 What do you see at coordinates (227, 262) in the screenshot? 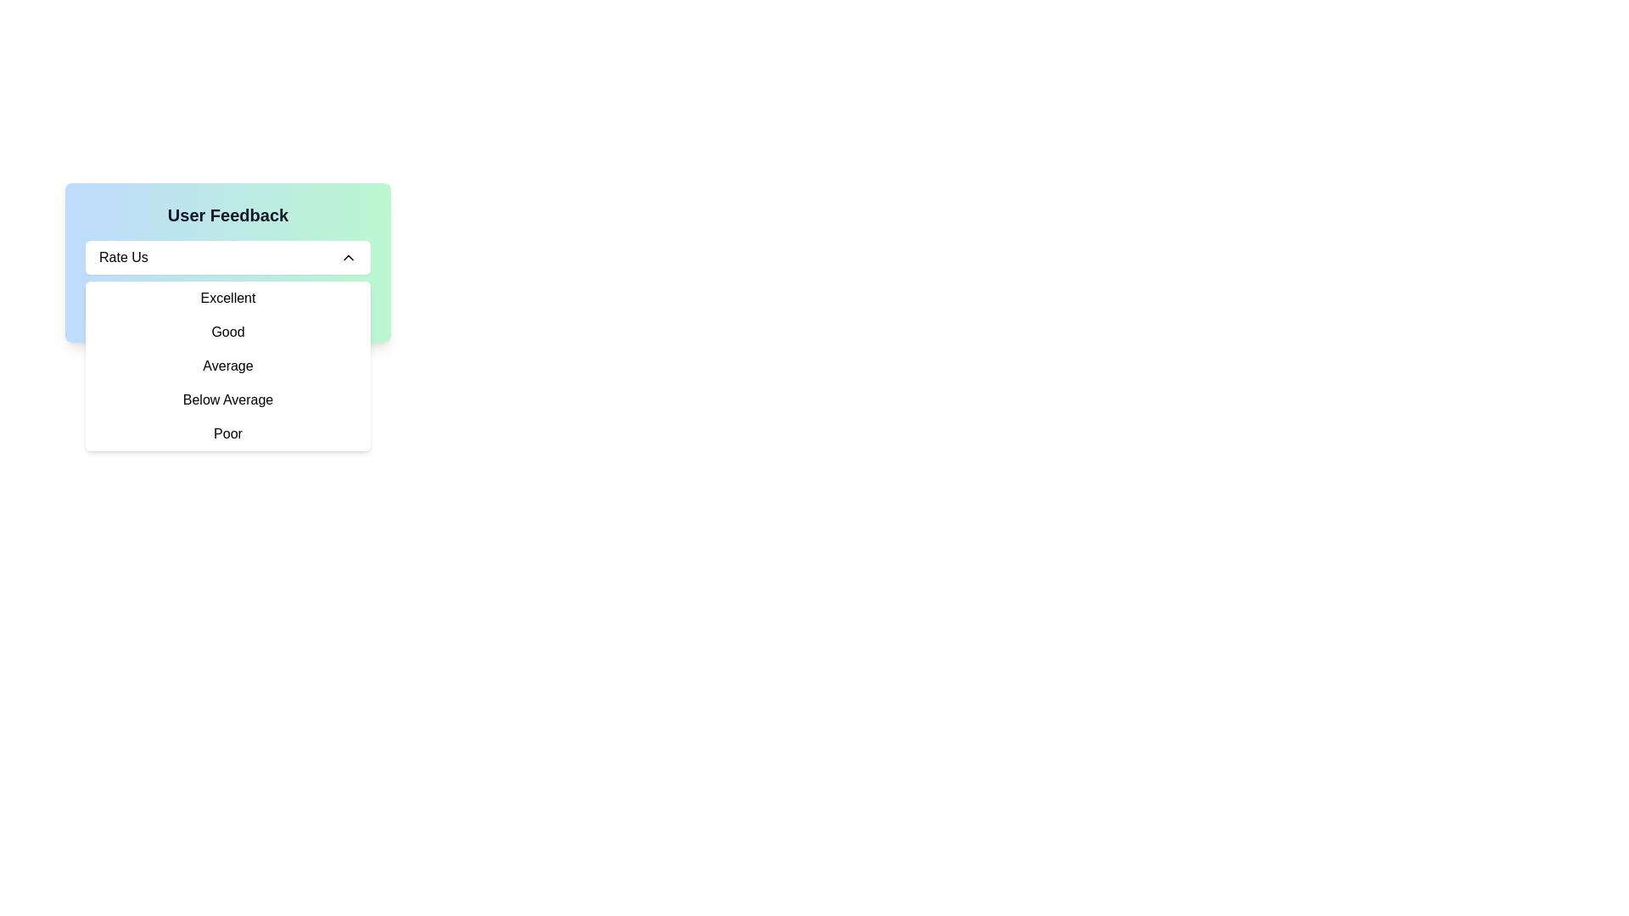
I see `a rating option from the 'Rate Us' dropdown in the User Feedback component, which features a gradient background and rounded corners` at bounding box center [227, 262].